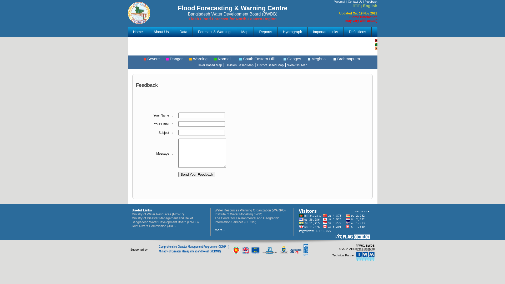 This screenshot has width=505, height=284. Describe the element at coordinates (215, 214) in the screenshot. I see `'Institute of Water Modelling (IWM)'` at that location.